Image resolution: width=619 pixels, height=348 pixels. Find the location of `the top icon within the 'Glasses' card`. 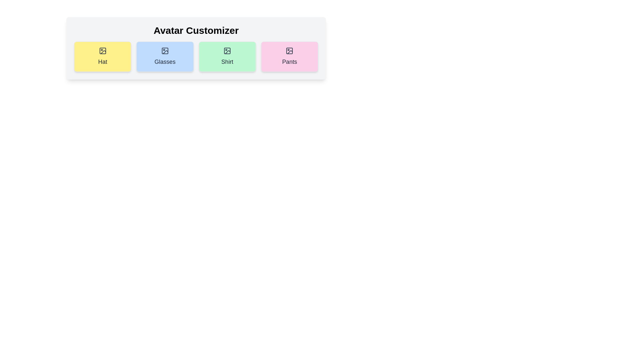

the top icon within the 'Glasses' card is located at coordinates (165, 51).